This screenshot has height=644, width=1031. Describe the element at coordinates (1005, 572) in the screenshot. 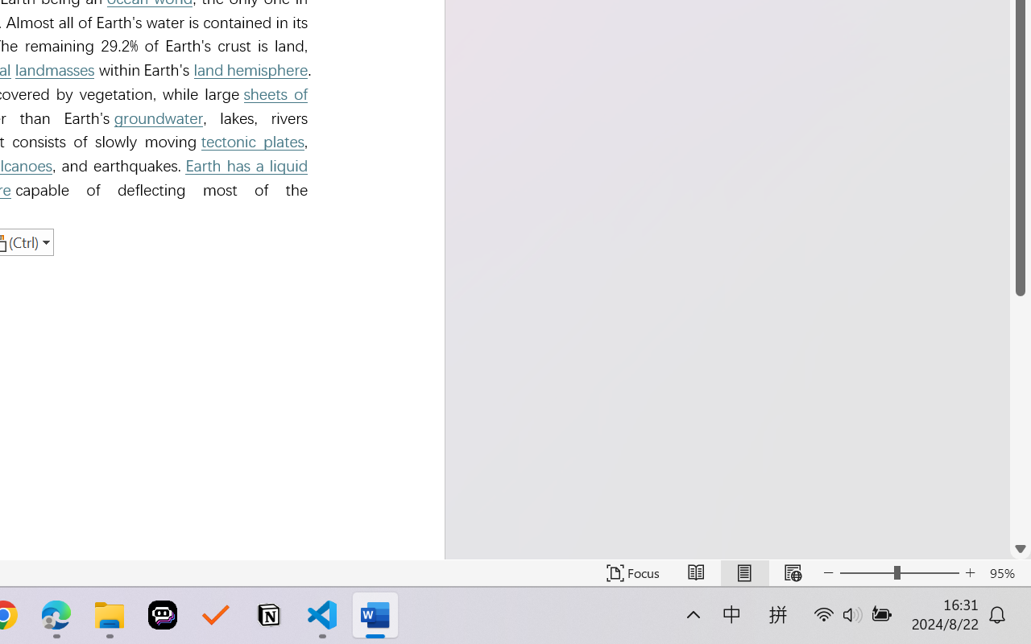

I see `'Zoom 95%'` at that location.